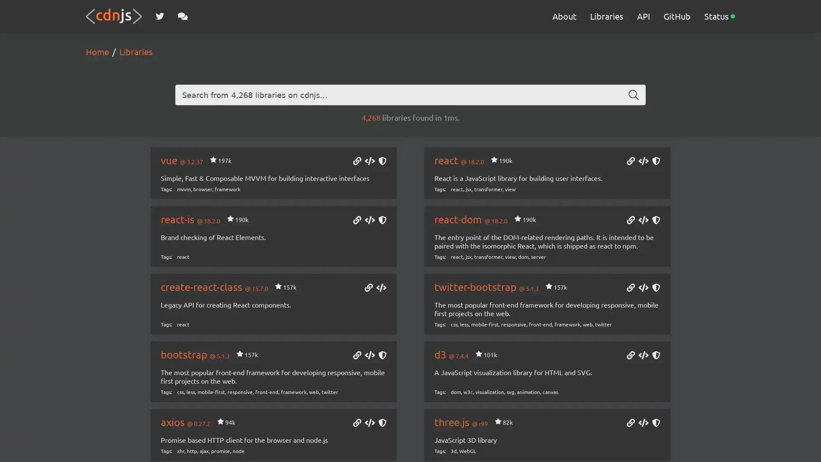 The image size is (821, 462). Describe the element at coordinates (630, 162) in the screenshot. I see `Copy URL` at that location.